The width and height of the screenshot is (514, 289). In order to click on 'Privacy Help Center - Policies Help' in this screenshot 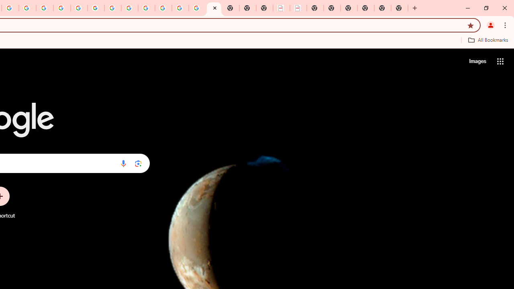, I will do `click(44, 8)`.